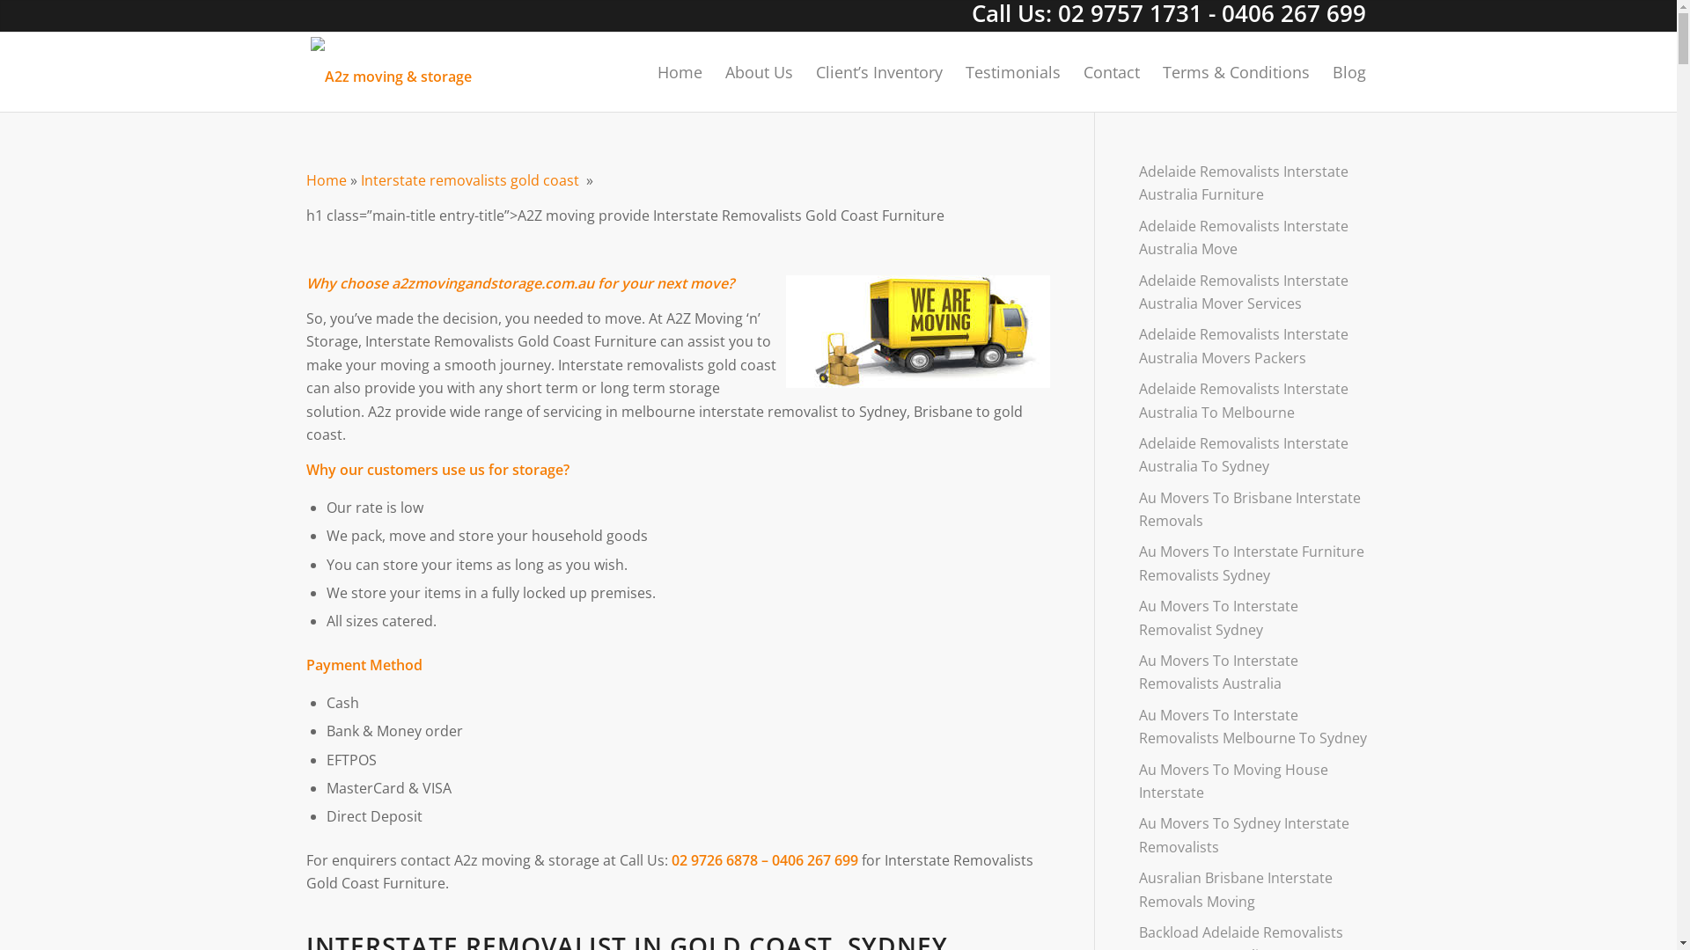 This screenshot has width=1690, height=950. Describe the element at coordinates (1139, 400) in the screenshot. I see `'Adelaide Removalists Interstate Australia To Melbourne'` at that location.